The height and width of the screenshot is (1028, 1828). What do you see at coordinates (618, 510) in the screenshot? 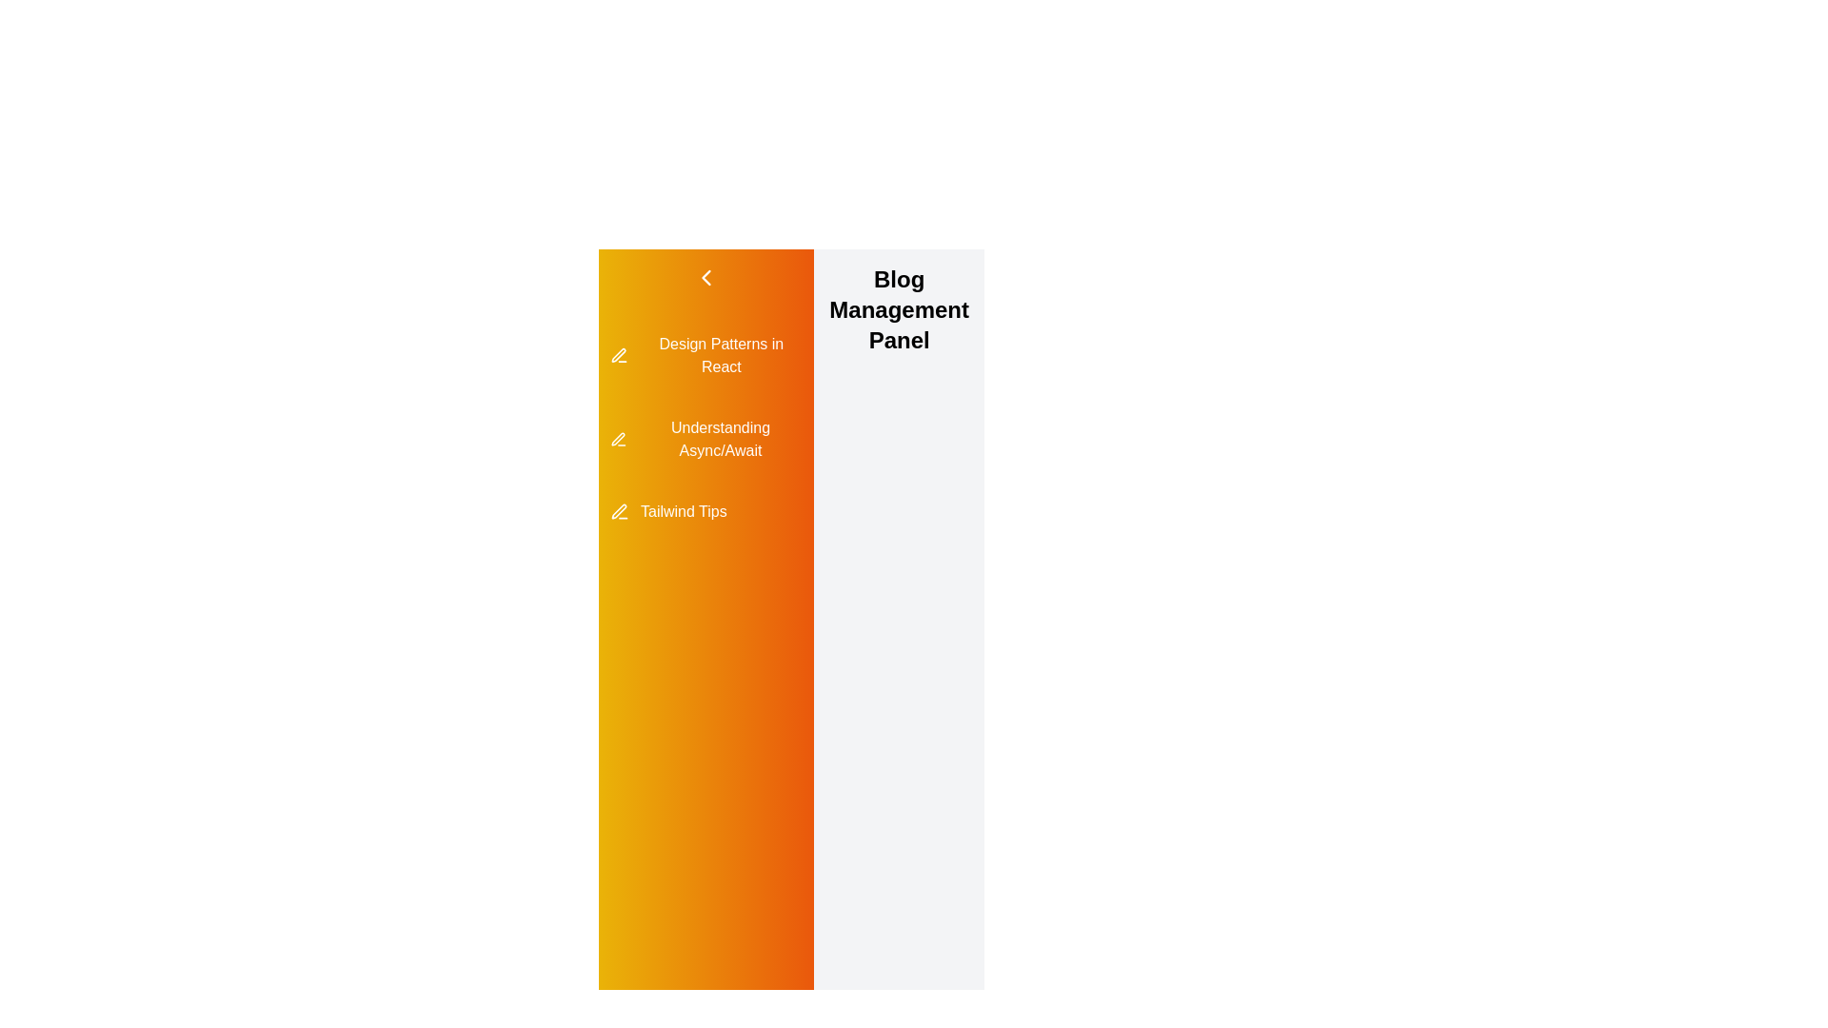
I see `the icon associated with the blog entry titled Tailwind Tips` at bounding box center [618, 510].